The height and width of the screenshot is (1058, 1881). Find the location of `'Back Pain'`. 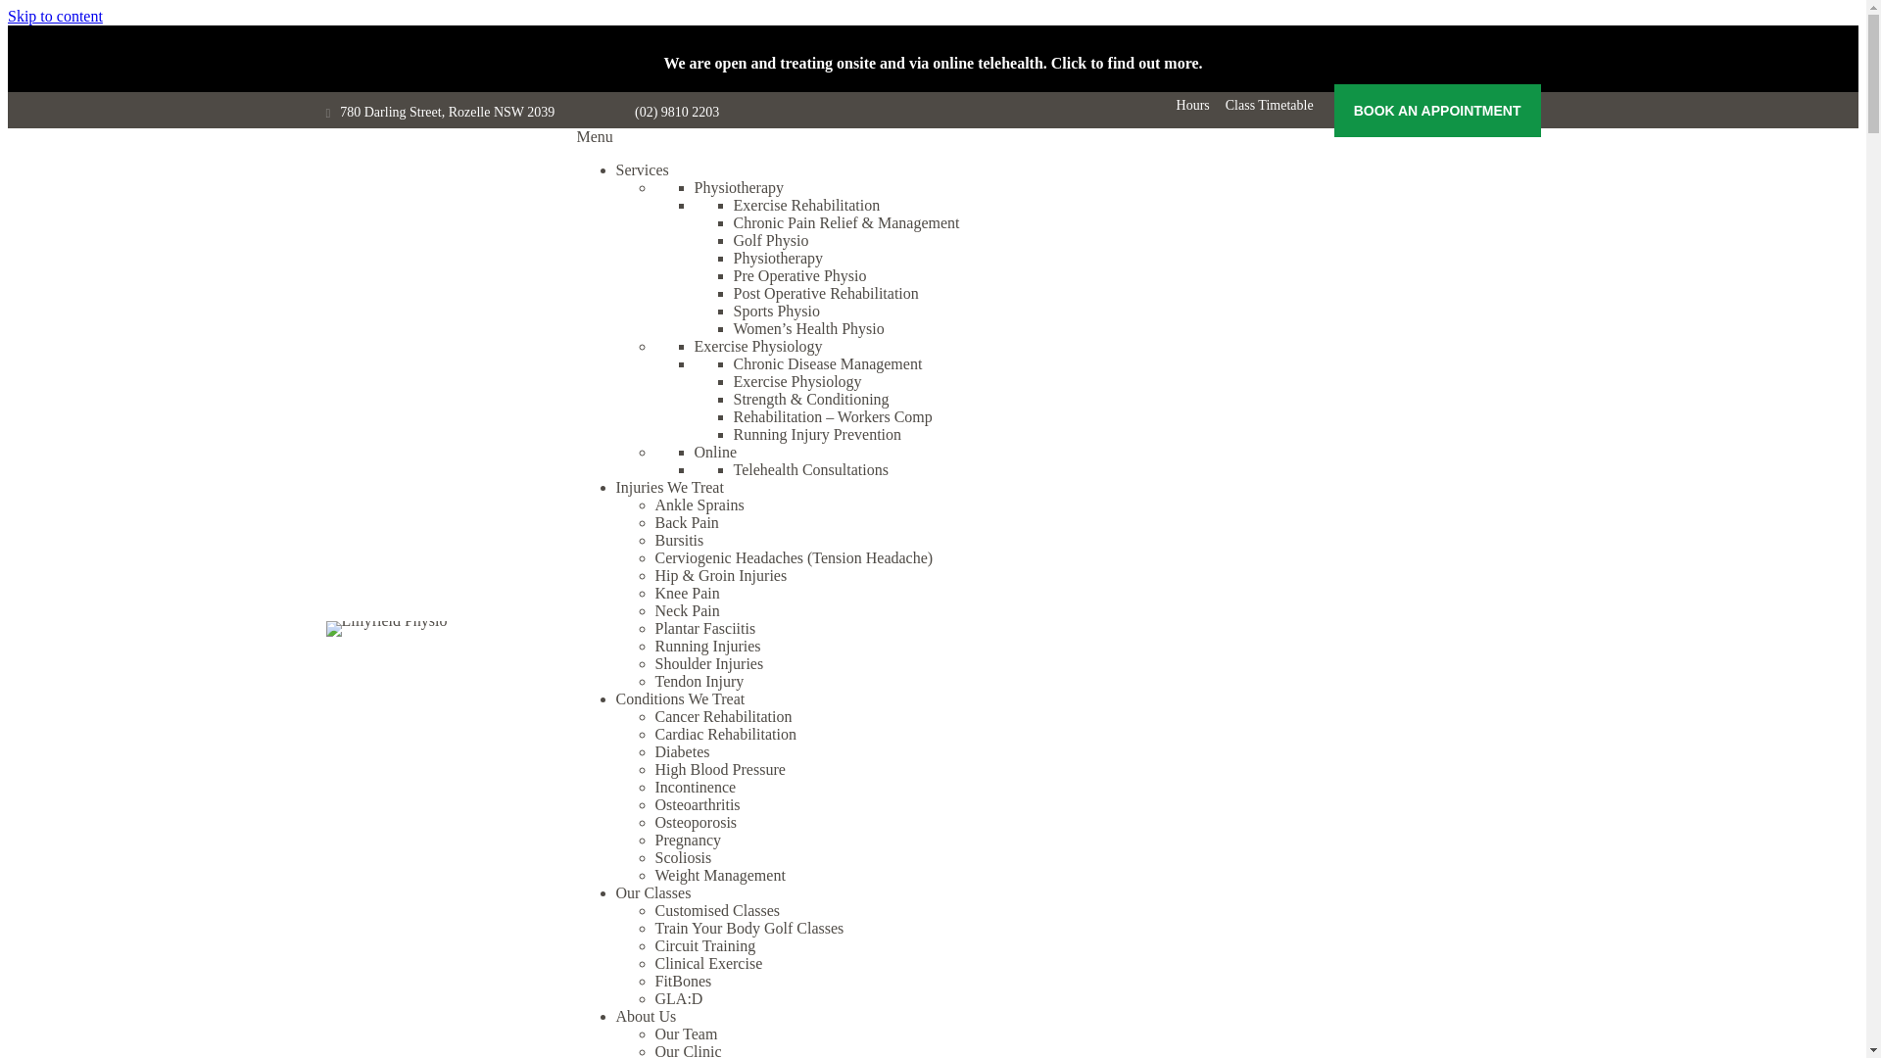

'Back Pain' is located at coordinates (686, 521).